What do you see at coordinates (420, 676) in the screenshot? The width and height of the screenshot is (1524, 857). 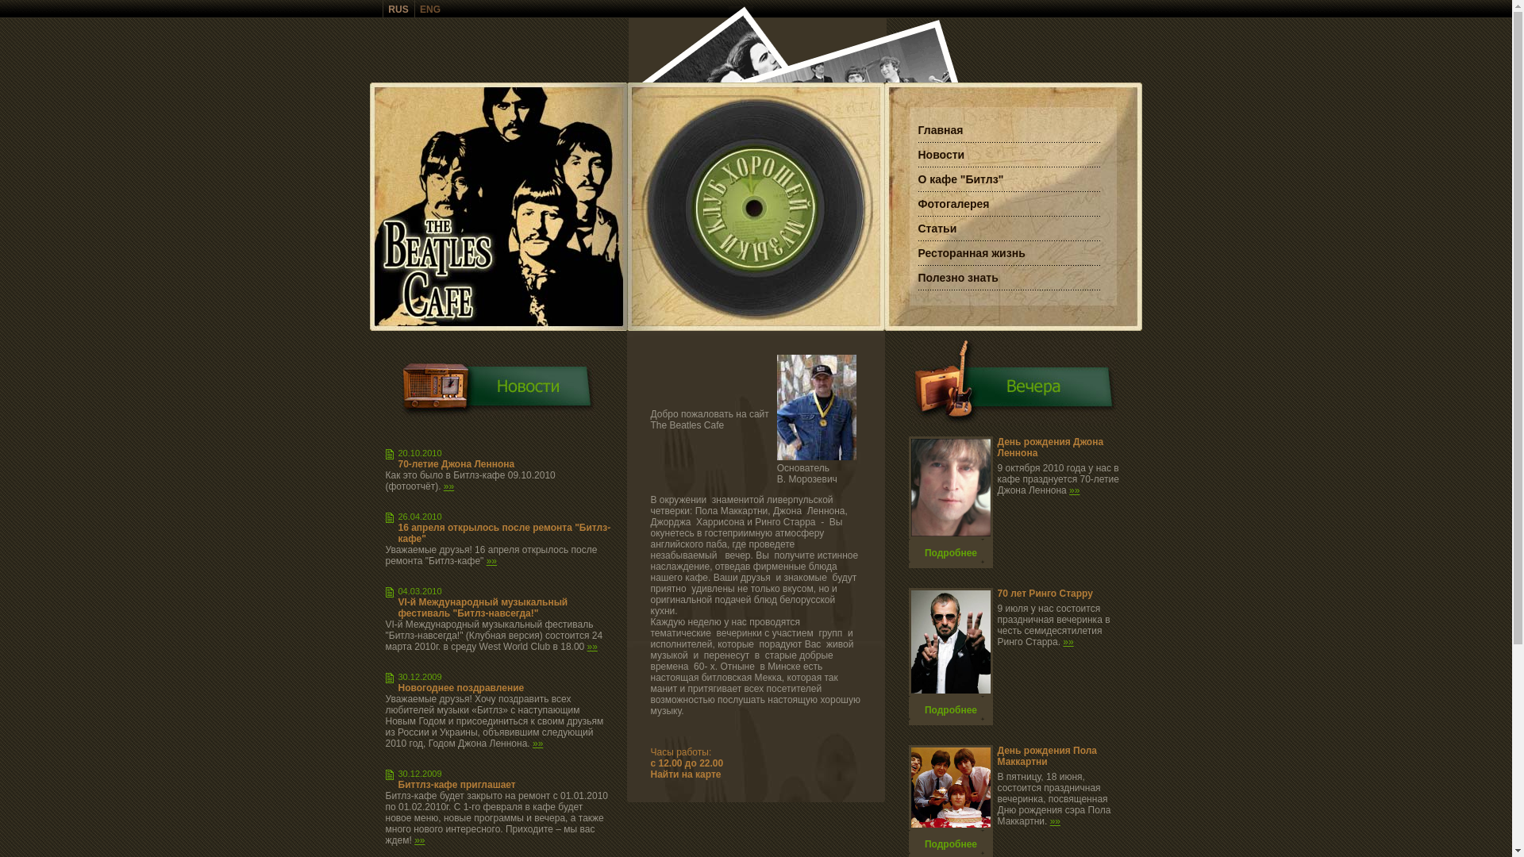 I see `'30.12.2009'` at bounding box center [420, 676].